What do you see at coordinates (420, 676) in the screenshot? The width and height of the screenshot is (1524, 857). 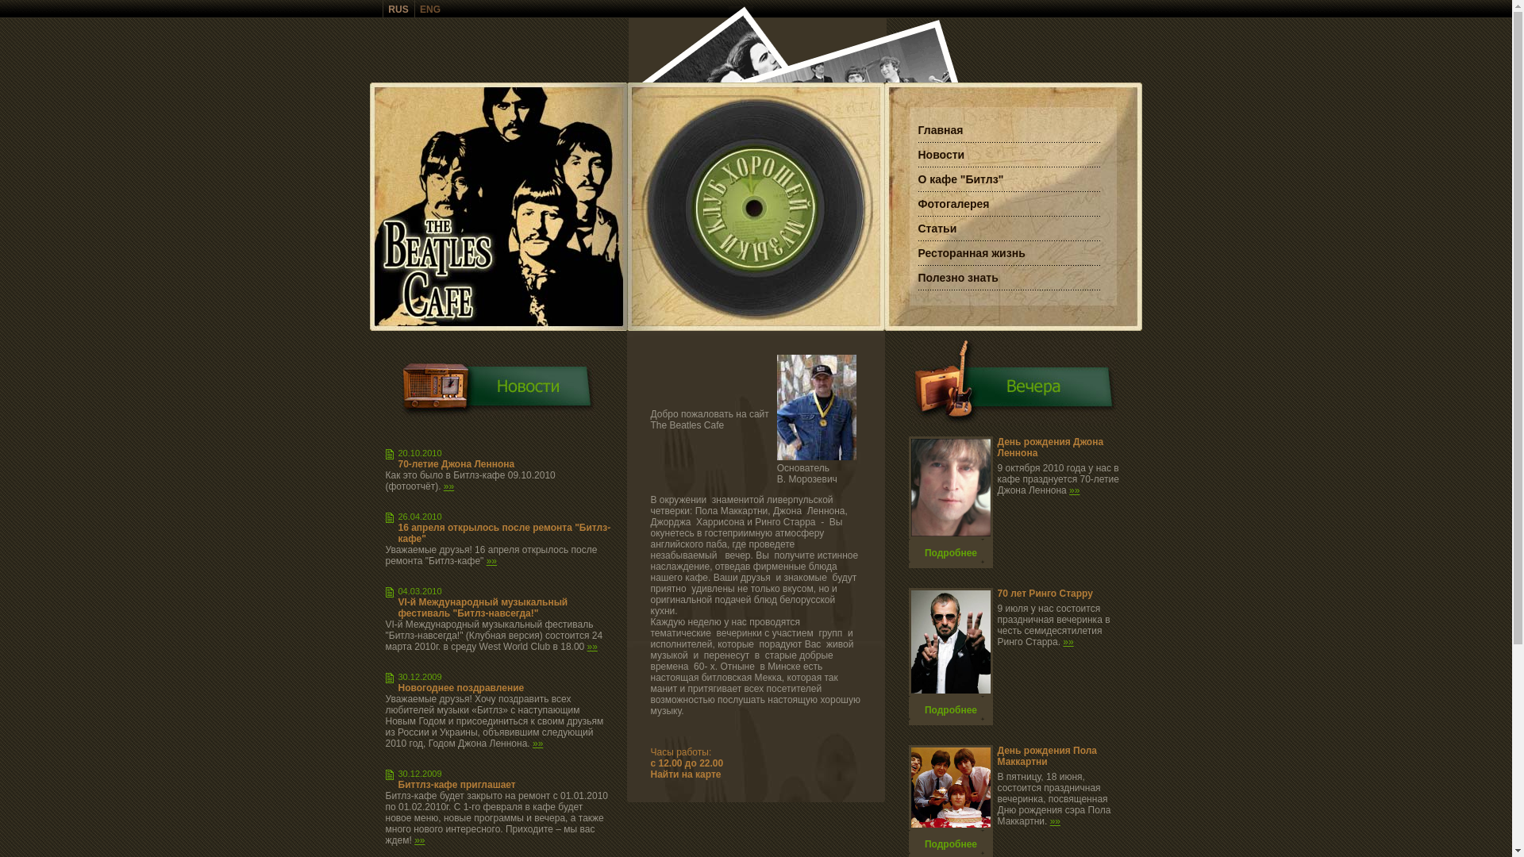 I see `'30.12.2009'` at bounding box center [420, 676].